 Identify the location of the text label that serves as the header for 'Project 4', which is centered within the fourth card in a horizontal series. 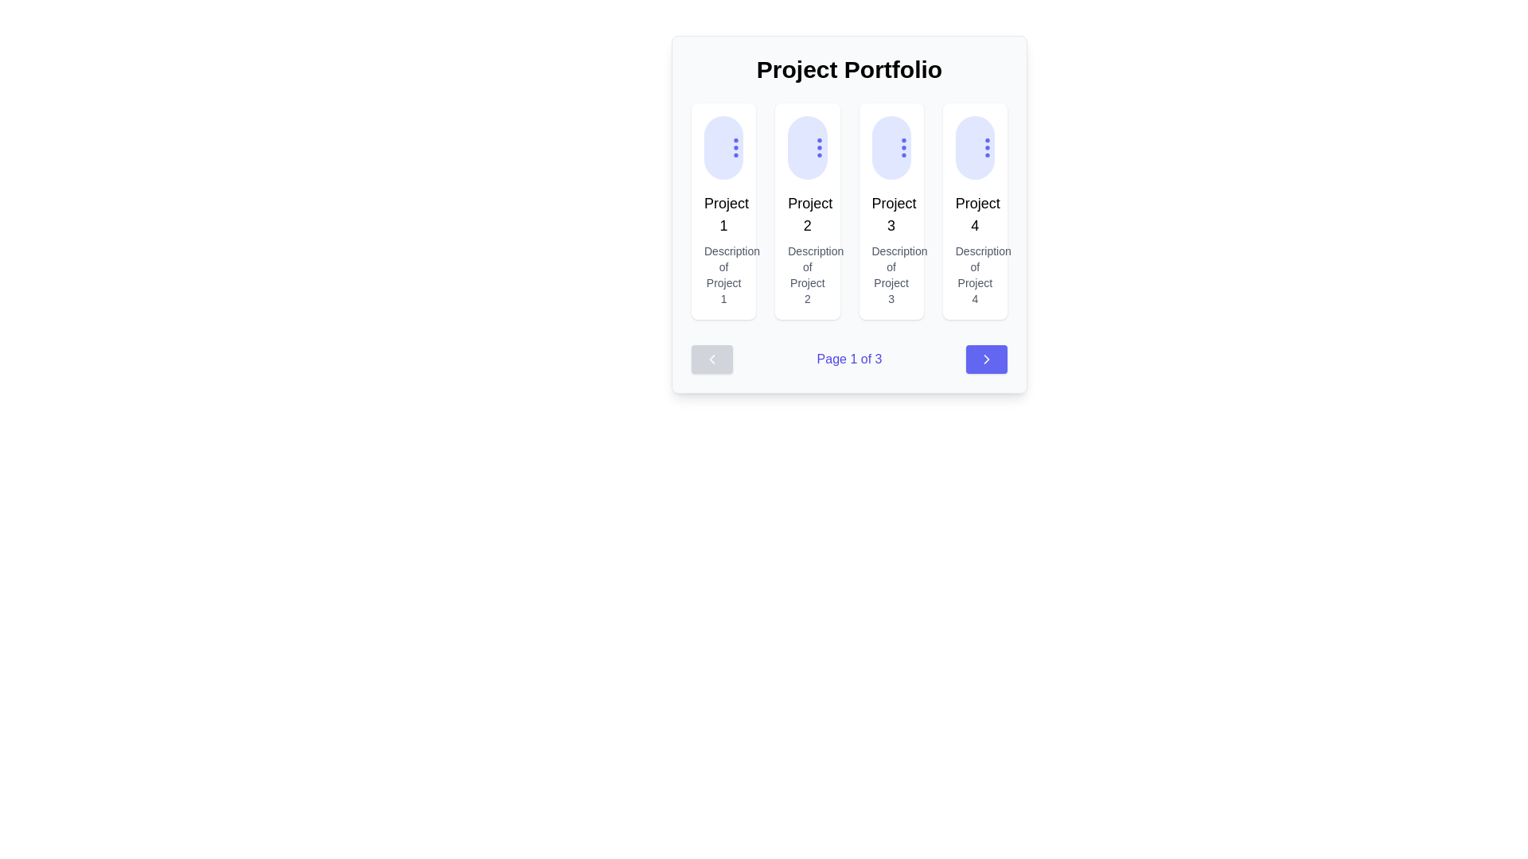
(974, 215).